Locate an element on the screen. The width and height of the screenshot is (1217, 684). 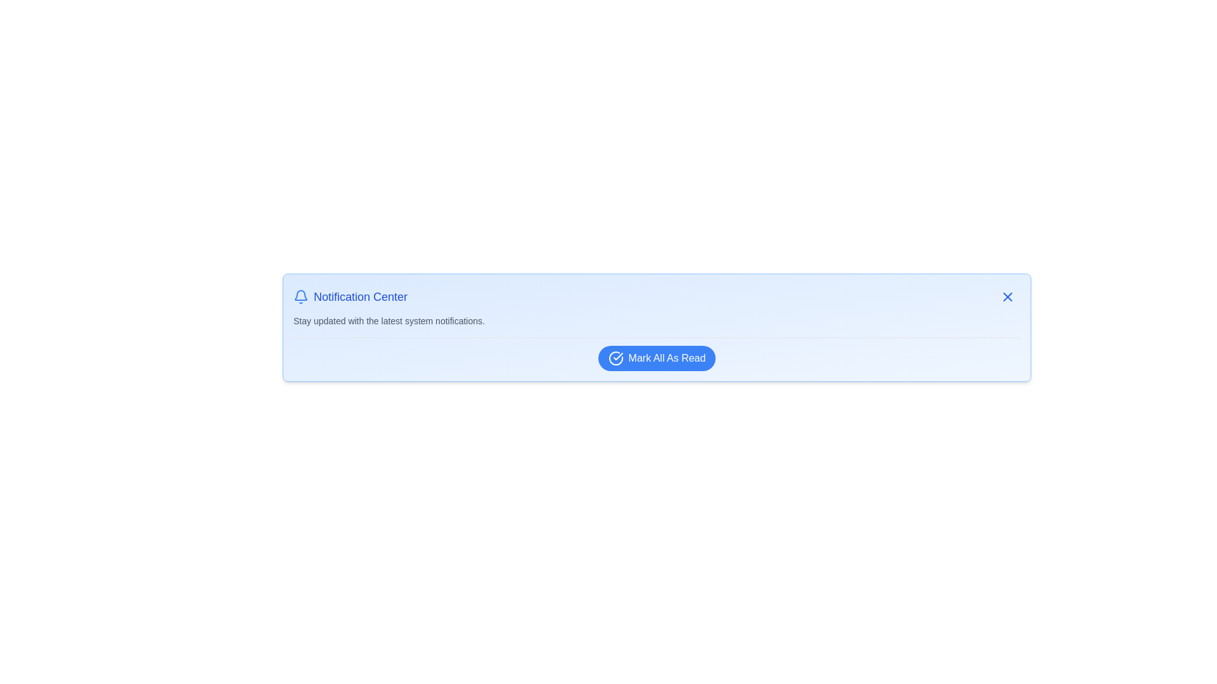
the blue bell-shaped icon located in the notification section, next to the 'Notification Center' text is located at coordinates (300, 295).